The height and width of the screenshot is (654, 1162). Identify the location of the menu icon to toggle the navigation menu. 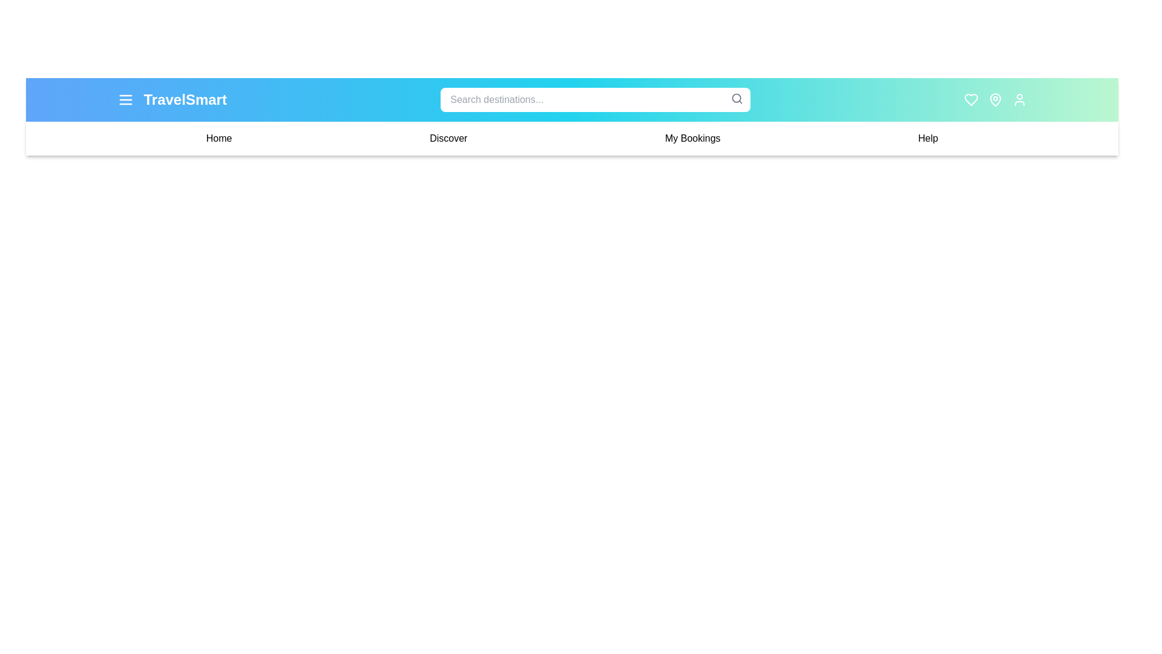
(125, 99).